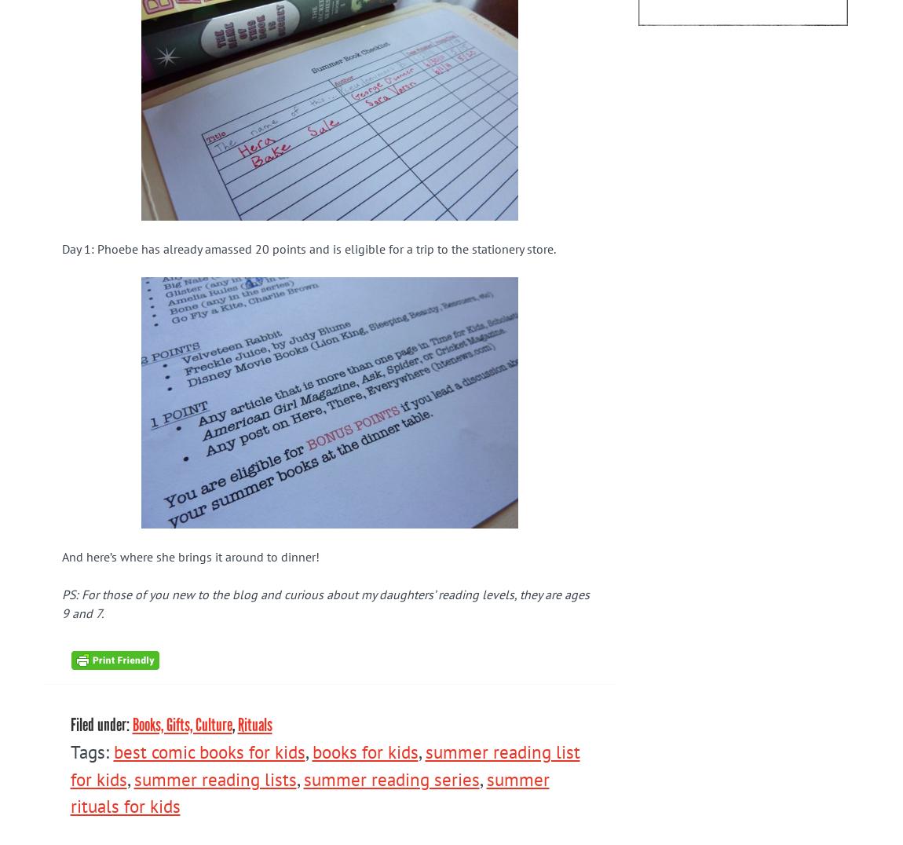 Image resolution: width=903 pixels, height=845 pixels. Describe the element at coordinates (214, 777) in the screenshot. I see `'summer reading lists'` at that location.